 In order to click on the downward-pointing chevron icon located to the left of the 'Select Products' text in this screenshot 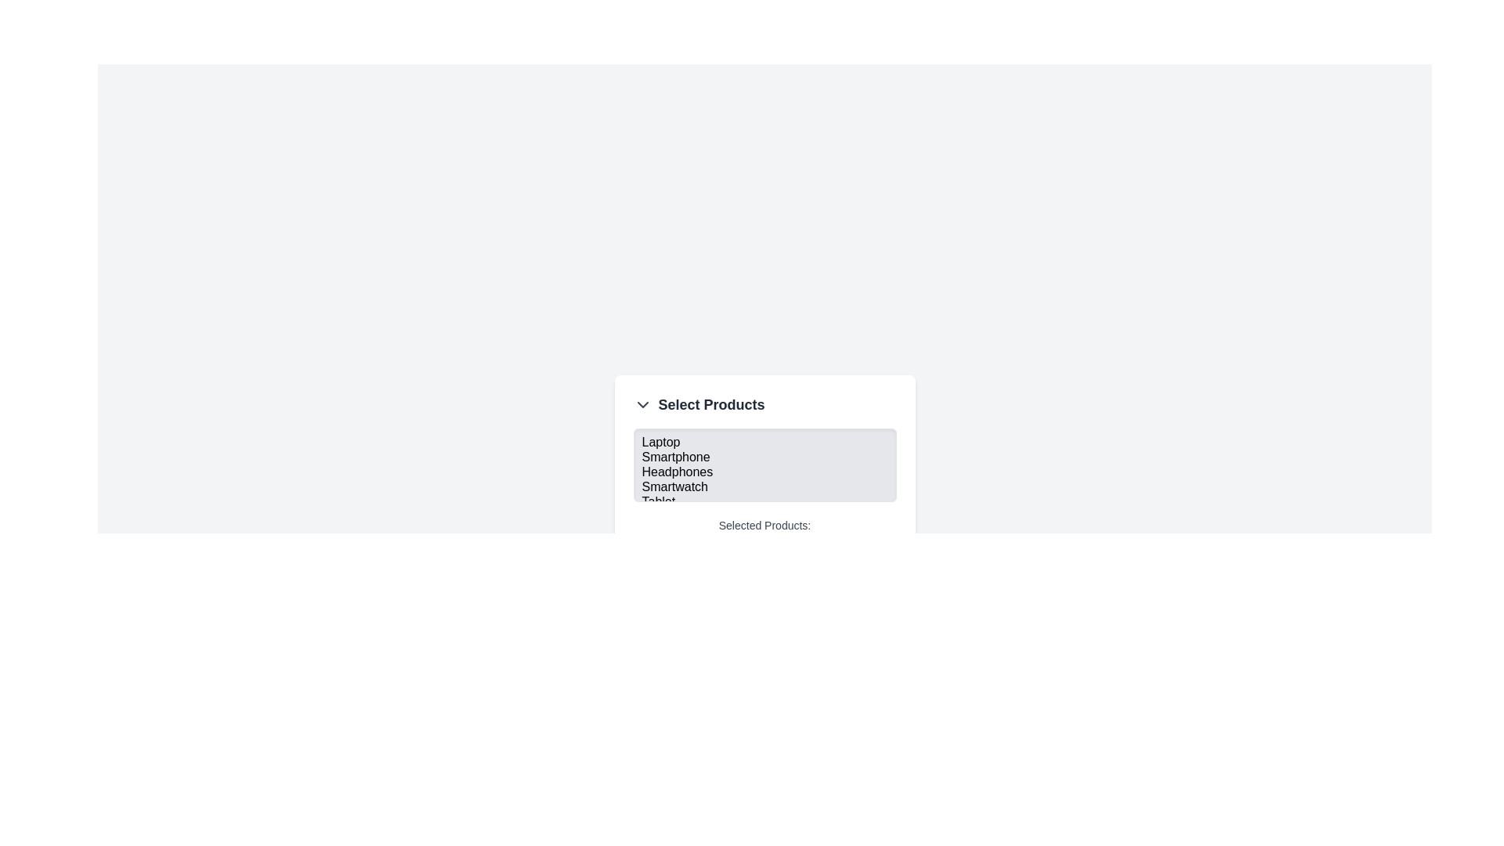, I will do `click(642, 403)`.